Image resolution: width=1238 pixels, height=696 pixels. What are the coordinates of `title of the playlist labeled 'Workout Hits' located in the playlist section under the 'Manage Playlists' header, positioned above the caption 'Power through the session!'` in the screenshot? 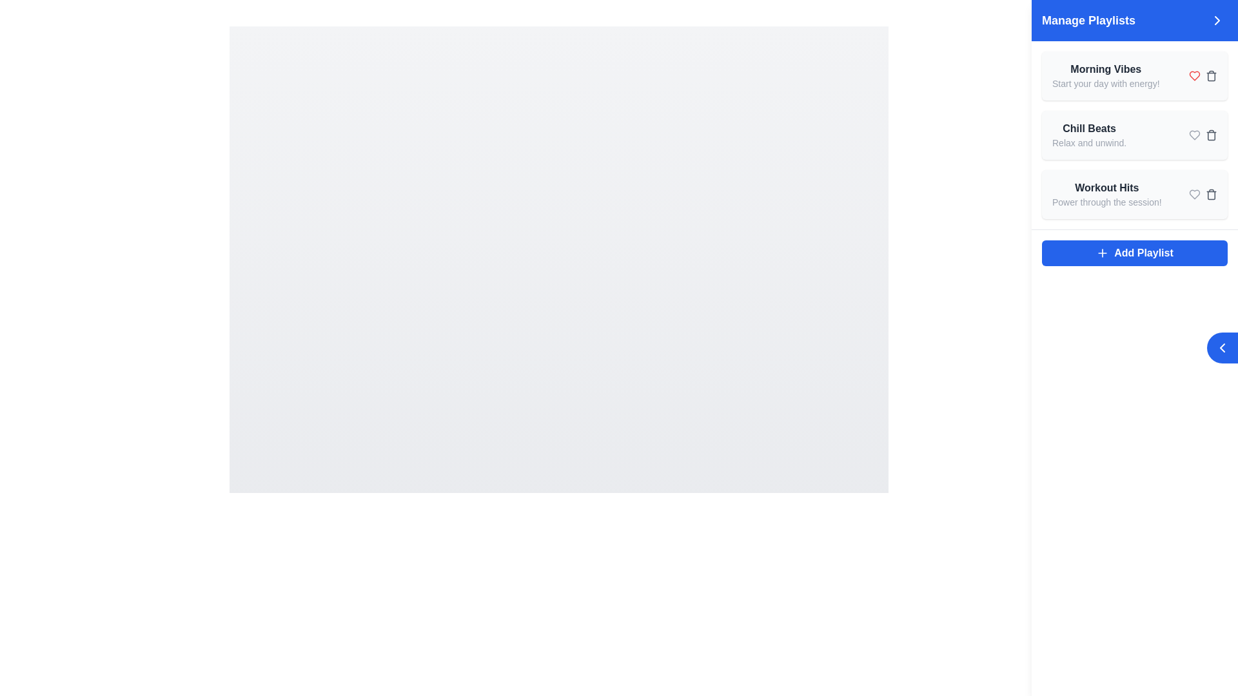 It's located at (1106, 188).